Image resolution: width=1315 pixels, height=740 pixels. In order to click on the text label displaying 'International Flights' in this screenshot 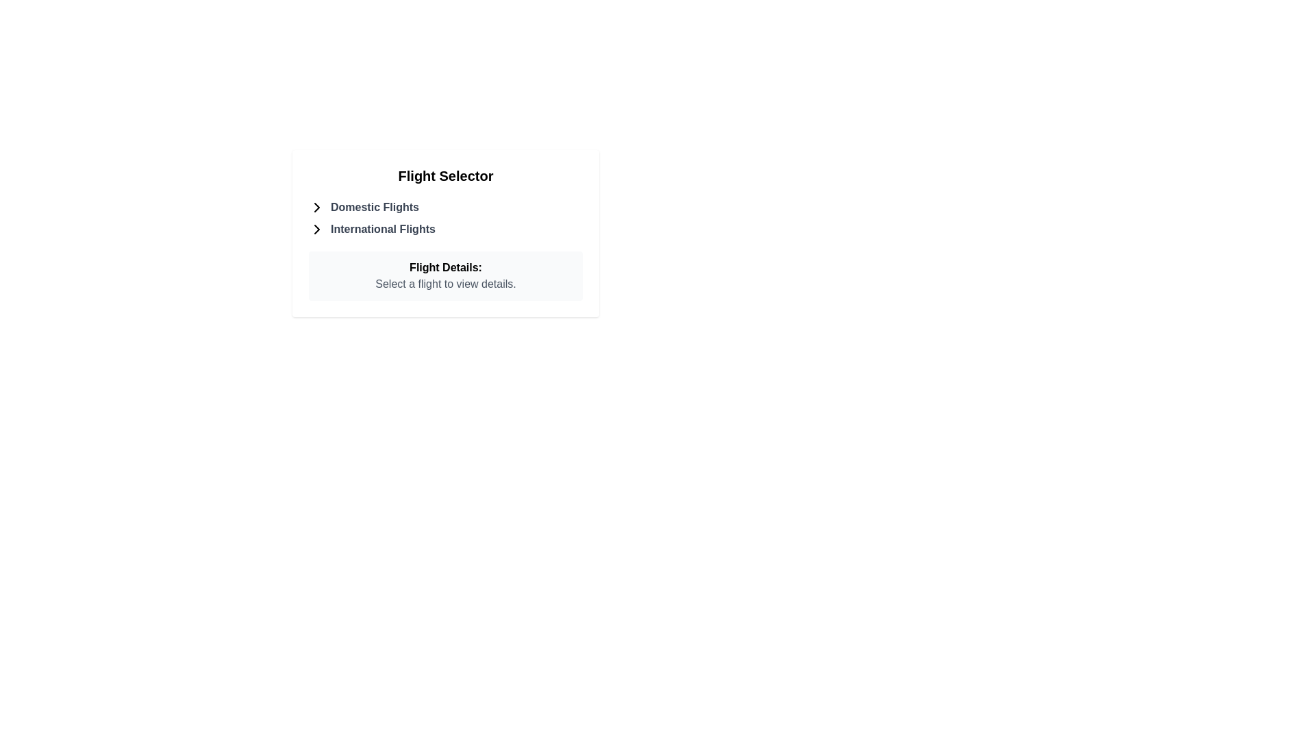, I will do `click(383, 229)`.